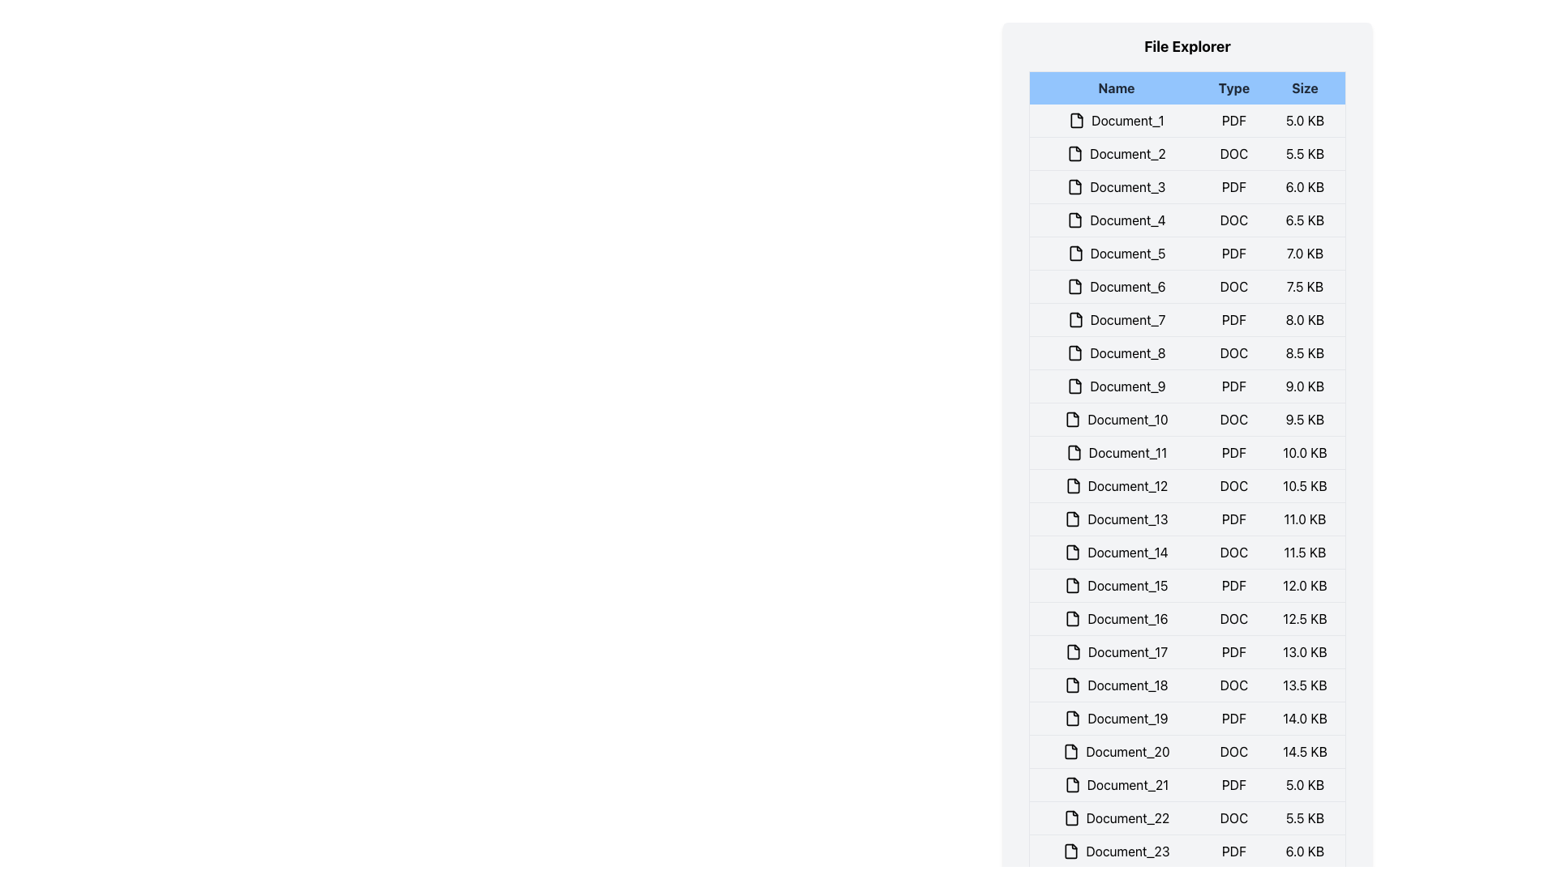  Describe the element at coordinates (1116, 752) in the screenshot. I see `the file entry labeled 'Document_20' in the file explorer` at that location.